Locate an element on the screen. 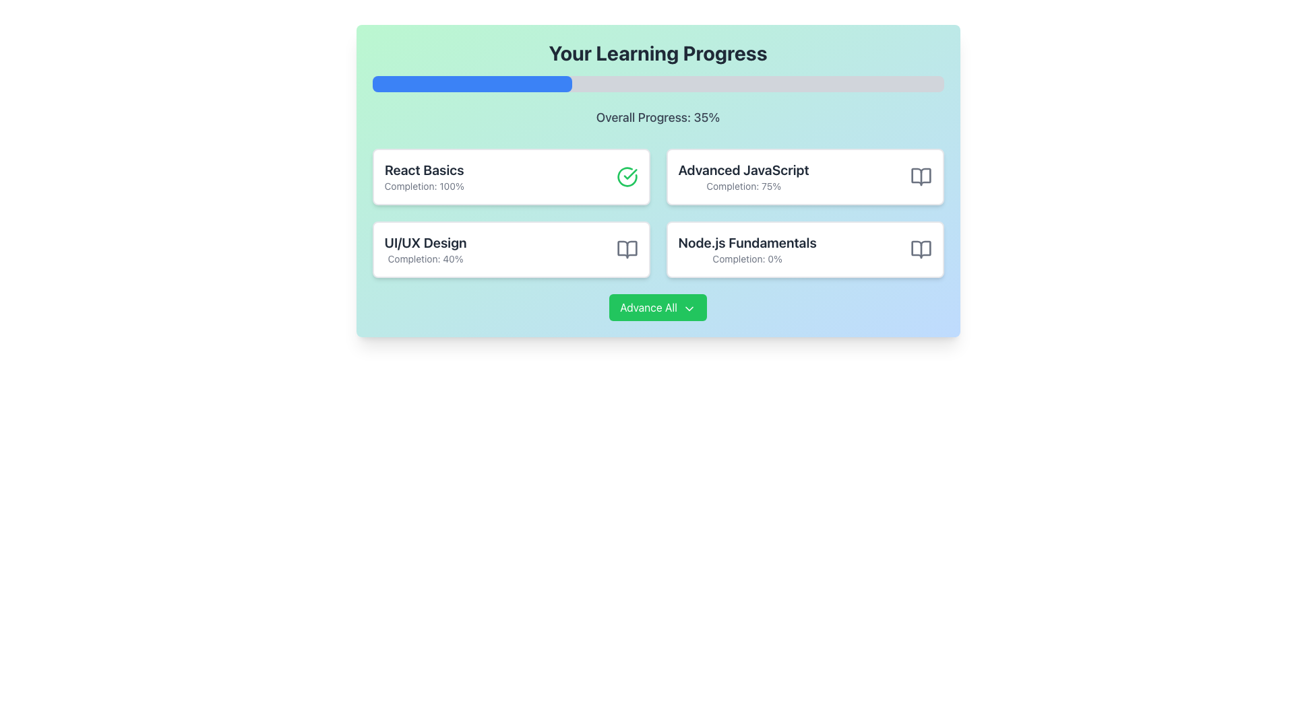 This screenshot has width=1294, height=727. the button located at the bottom center of the interface is located at coordinates (658, 307).